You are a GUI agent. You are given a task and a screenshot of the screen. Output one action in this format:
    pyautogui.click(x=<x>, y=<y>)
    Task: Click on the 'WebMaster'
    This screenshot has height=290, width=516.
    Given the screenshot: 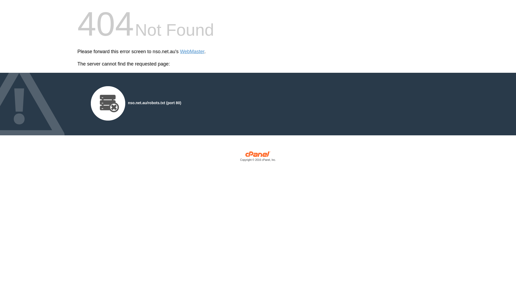 What is the action you would take?
    pyautogui.click(x=192, y=52)
    